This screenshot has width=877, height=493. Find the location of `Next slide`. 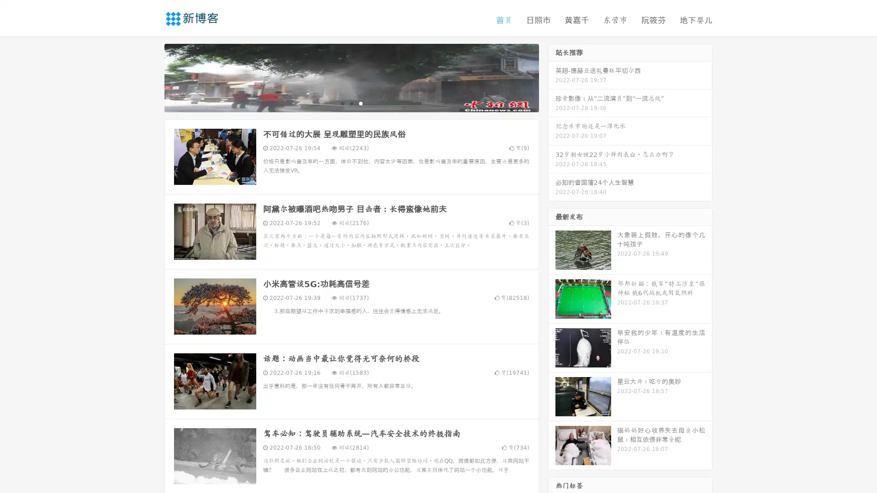

Next slide is located at coordinates (552, 77).